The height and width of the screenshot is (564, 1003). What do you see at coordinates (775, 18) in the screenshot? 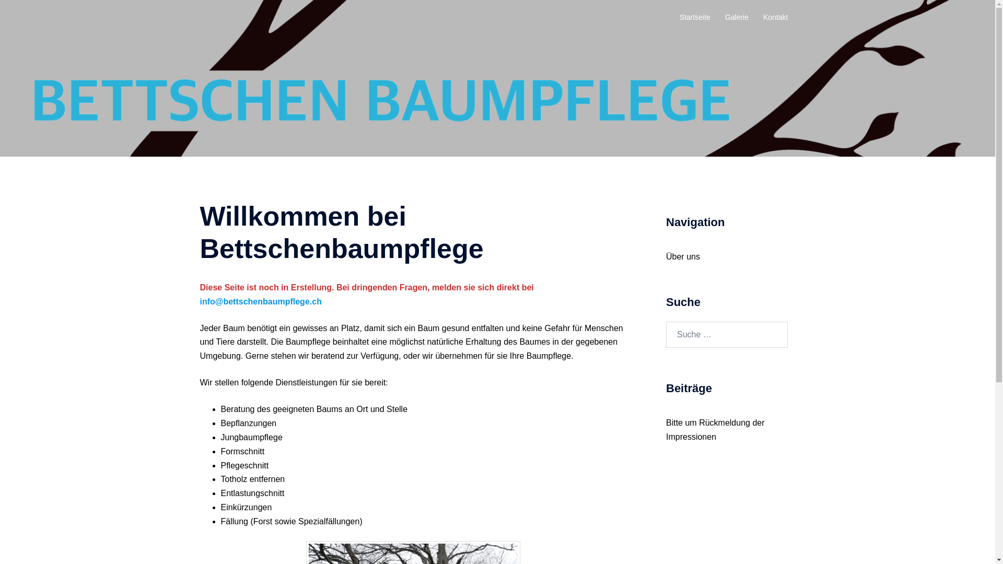
I see `'Kontakt'` at bounding box center [775, 18].